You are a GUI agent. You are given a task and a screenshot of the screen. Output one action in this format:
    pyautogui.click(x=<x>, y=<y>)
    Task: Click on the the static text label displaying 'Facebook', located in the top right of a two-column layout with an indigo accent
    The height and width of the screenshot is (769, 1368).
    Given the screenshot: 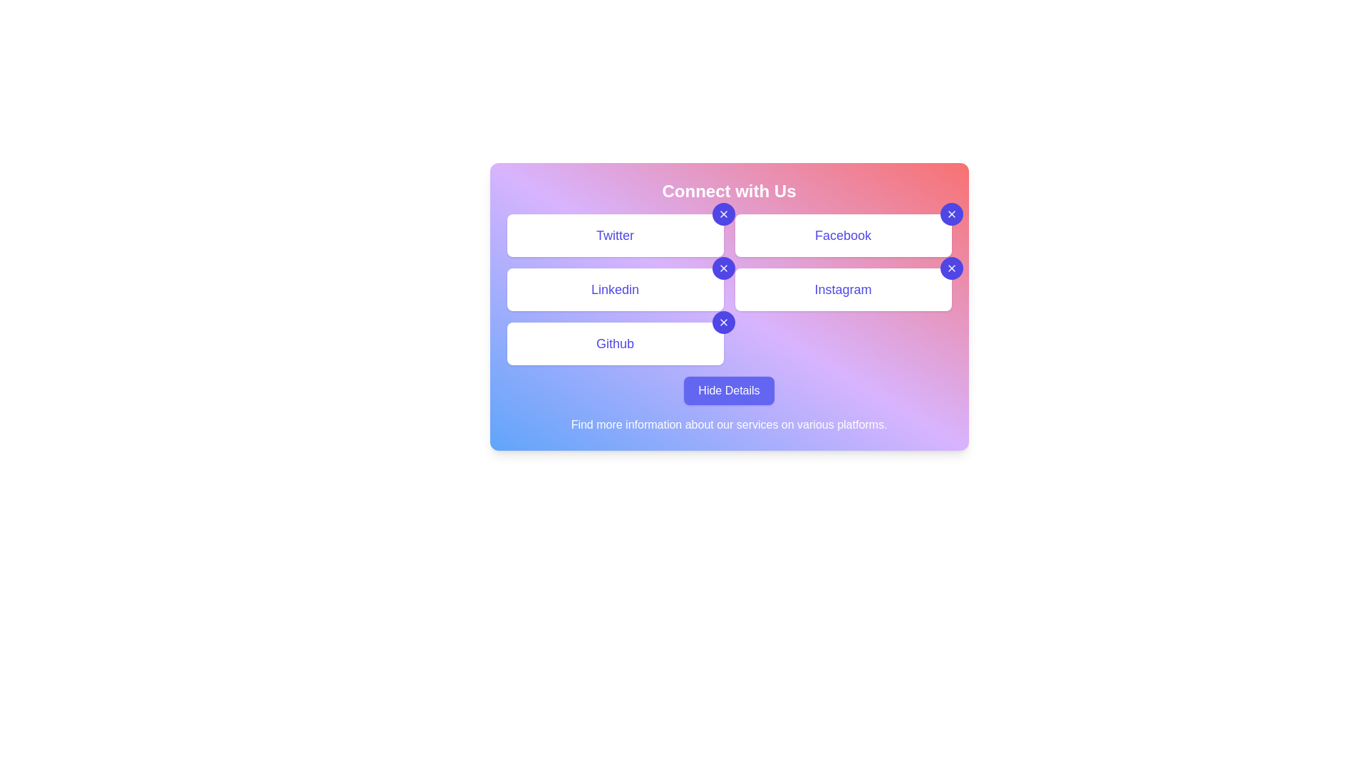 What is the action you would take?
    pyautogui.click(x=843, y=235)
    